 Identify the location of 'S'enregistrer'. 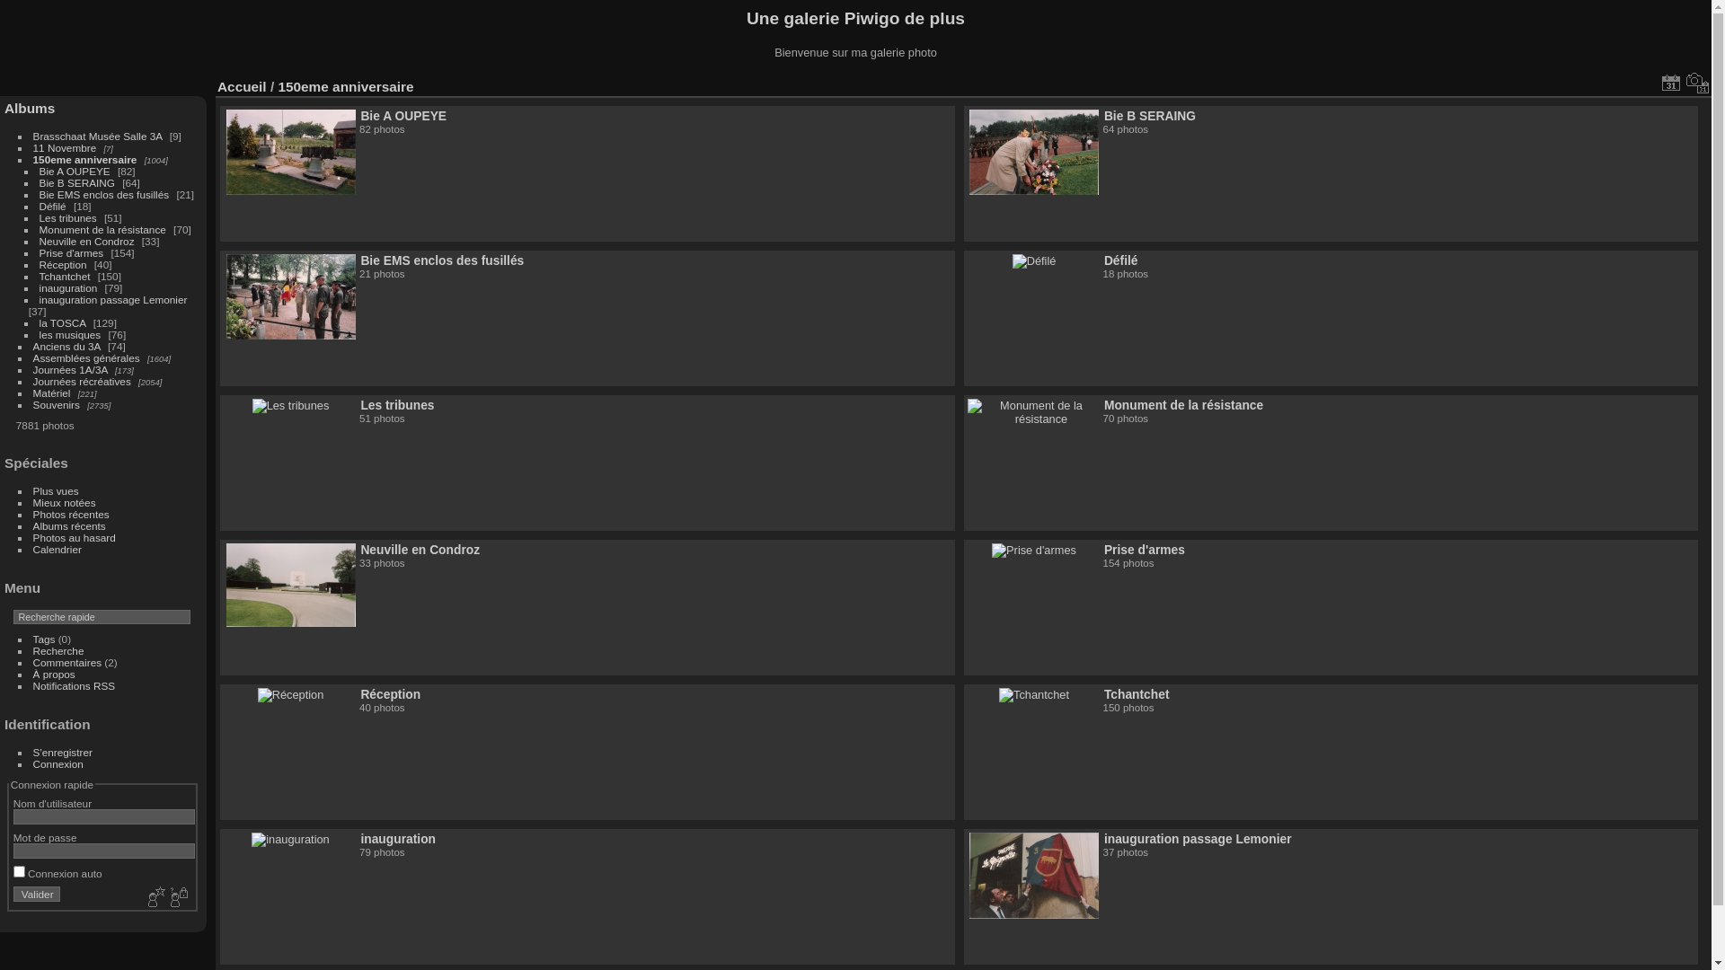
(63, 752).